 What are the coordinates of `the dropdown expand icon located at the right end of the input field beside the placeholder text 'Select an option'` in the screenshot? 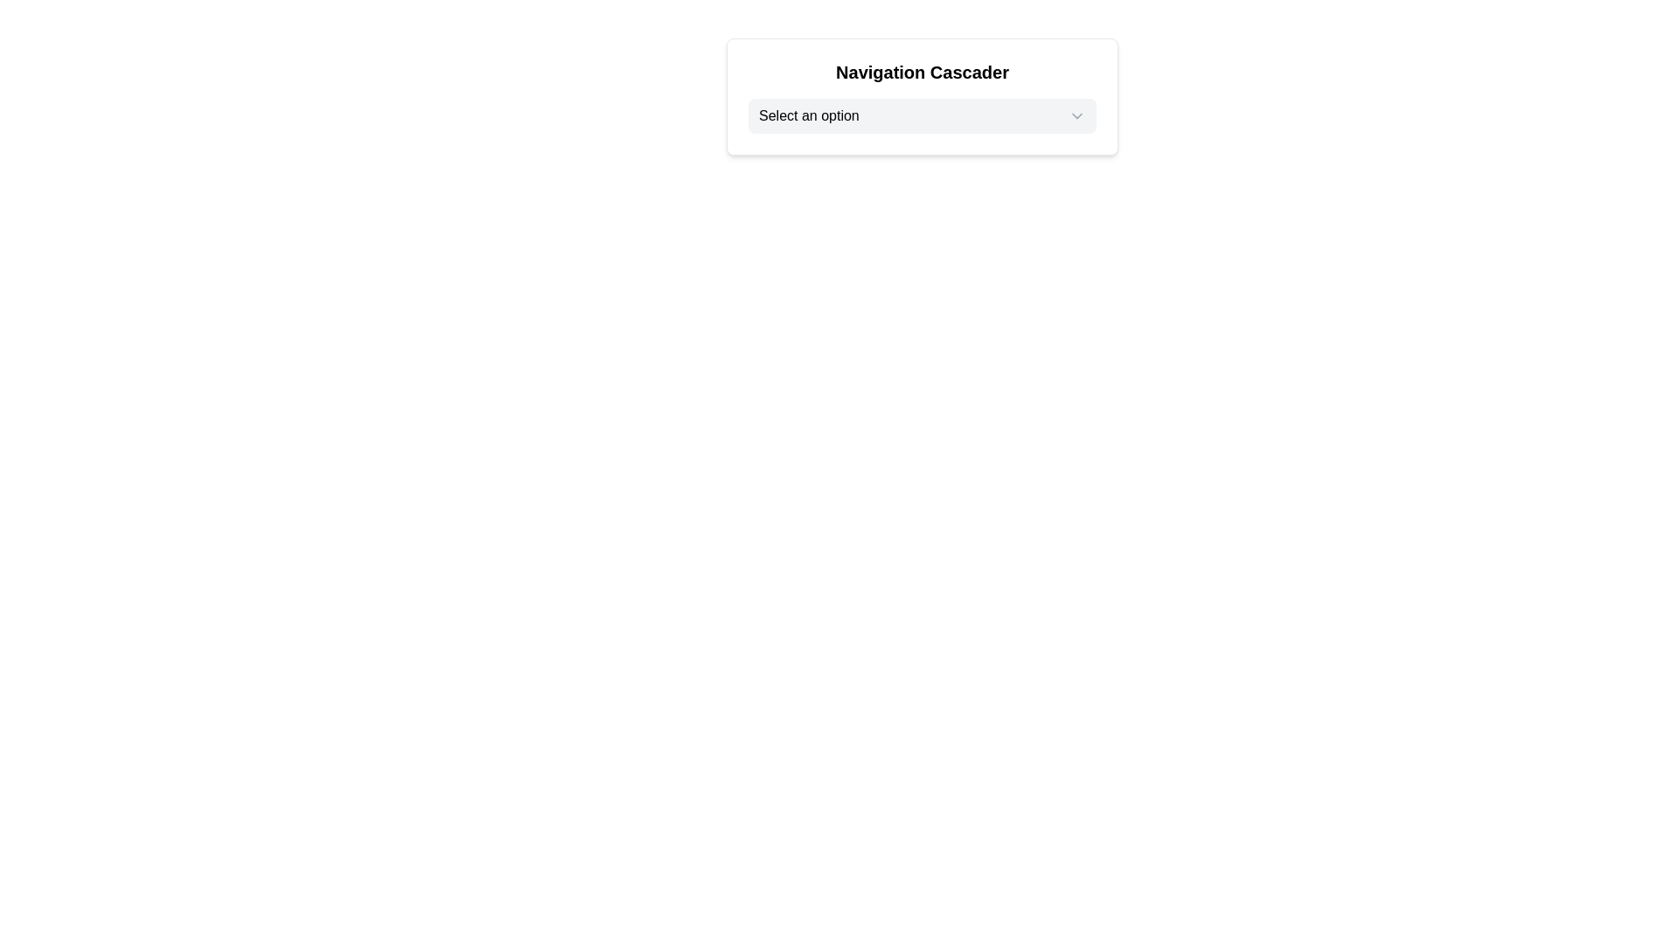 It's located at (1076, 115).